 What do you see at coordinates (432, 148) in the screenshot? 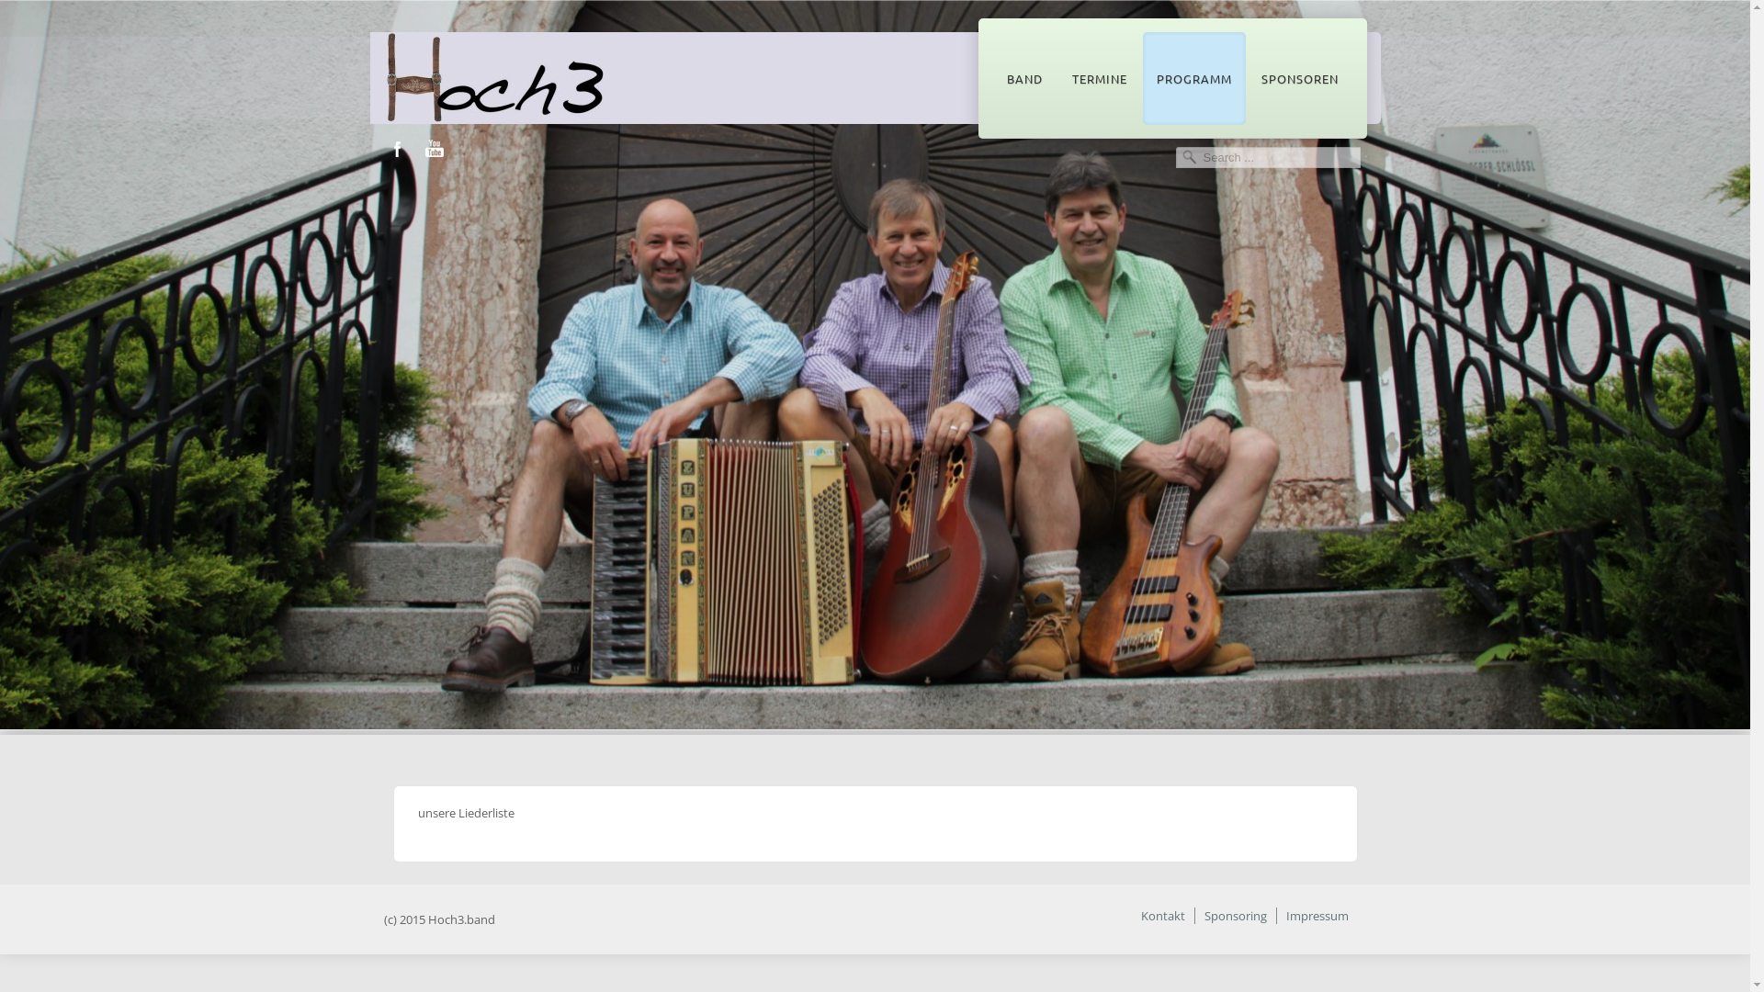
I see `'Youtube'` at bounding box center [432, 148].